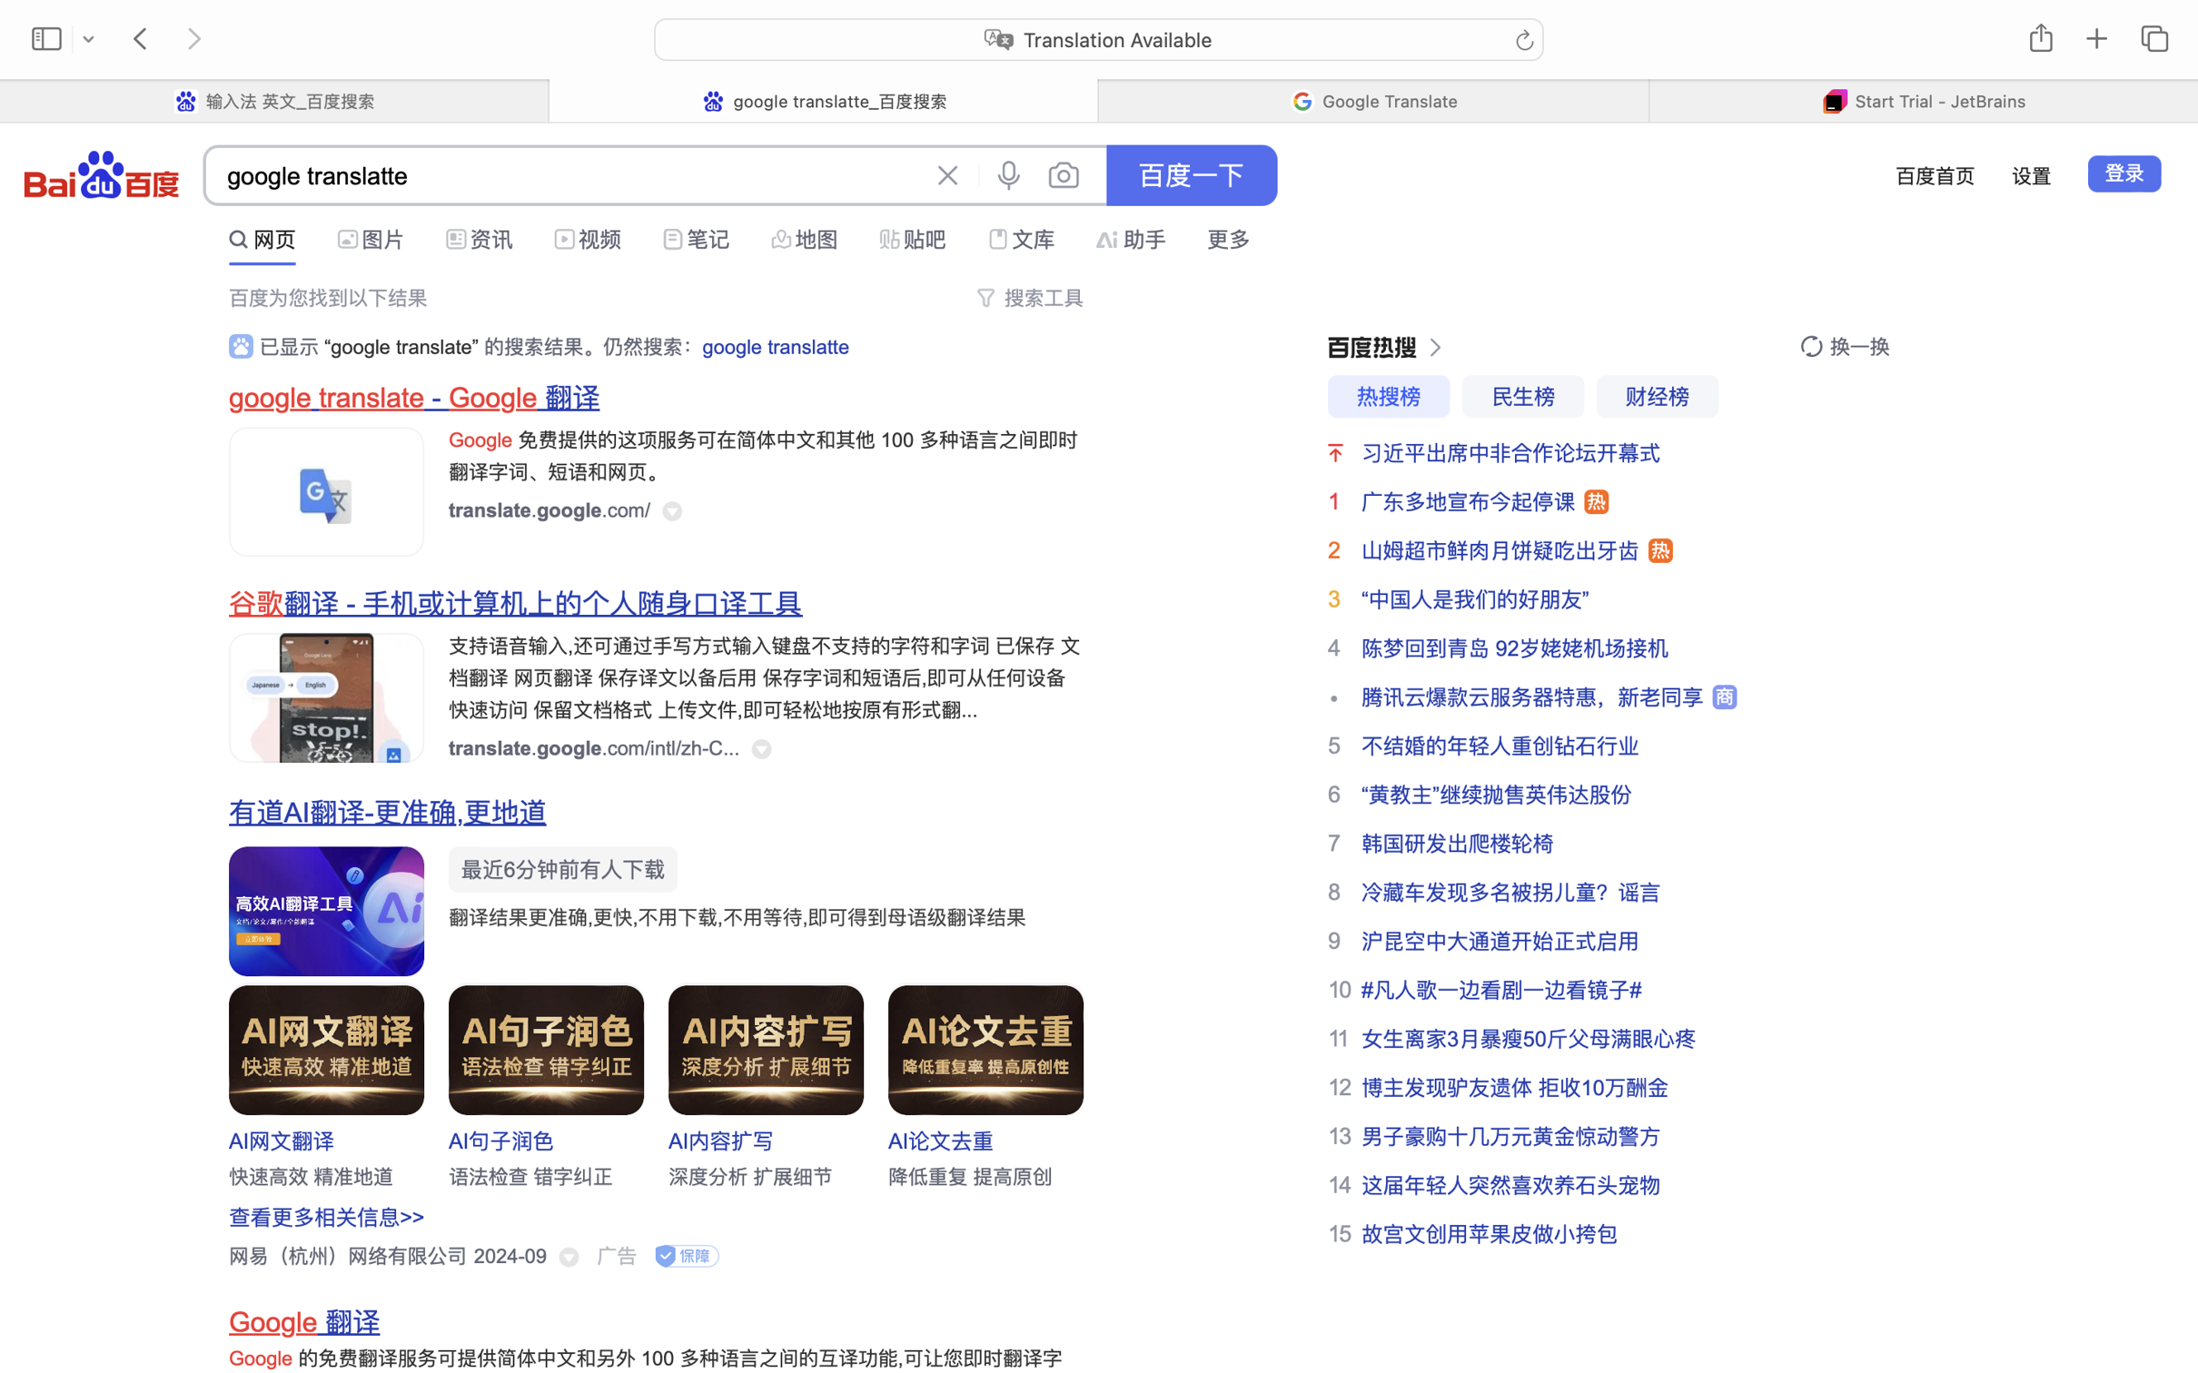 The width and height of the screenshot is (2198, 1373). What do you see at coordinates (327, 297) in the screenshot?
I see `'百度为您找到以下结果'` at bounding box center [327, 297].